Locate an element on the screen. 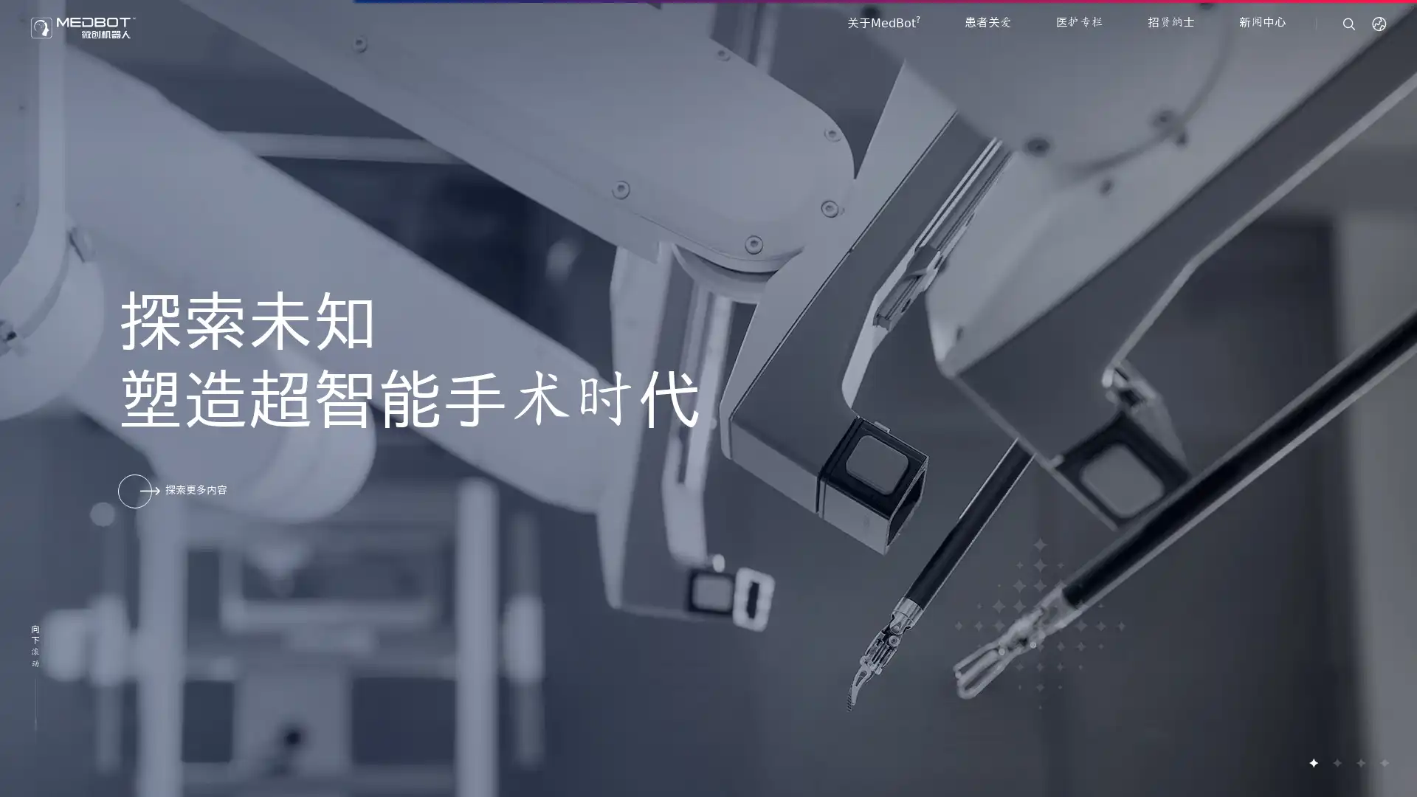 The width and height of the screenshot is (1417, 797). Go to slide 1 is located at coordinates (1313, 762).